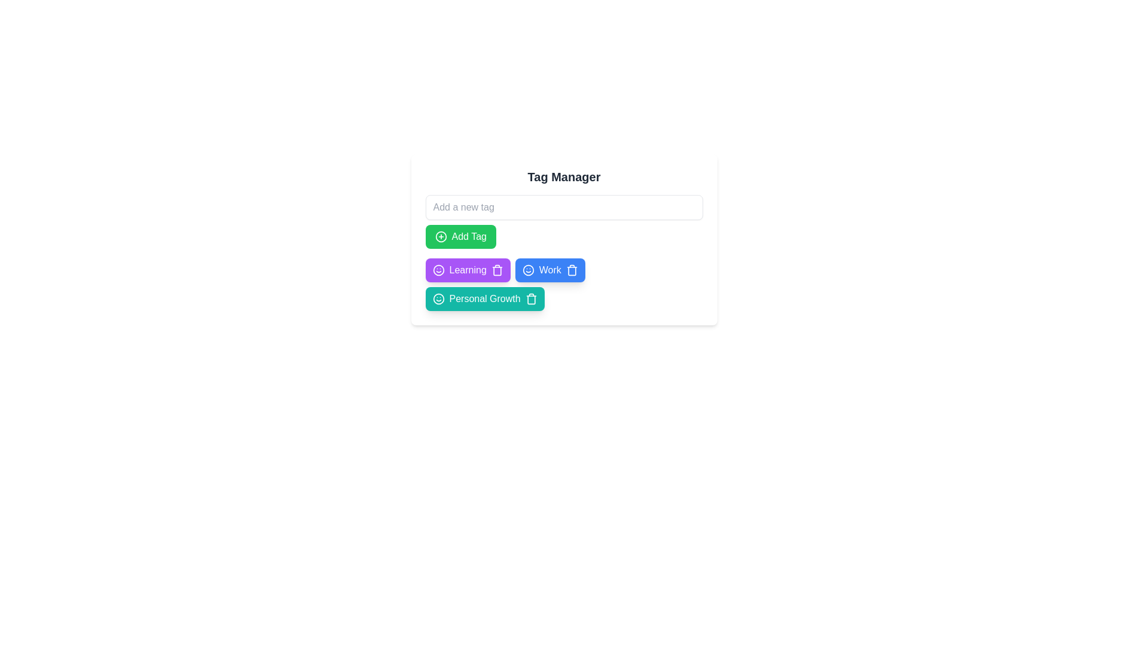 The image size is (1148, 646). Describe the element at coordinates (497, 270) in the screenshot. I see `trash icon of the tag labeled Learning to delete it` at that location.